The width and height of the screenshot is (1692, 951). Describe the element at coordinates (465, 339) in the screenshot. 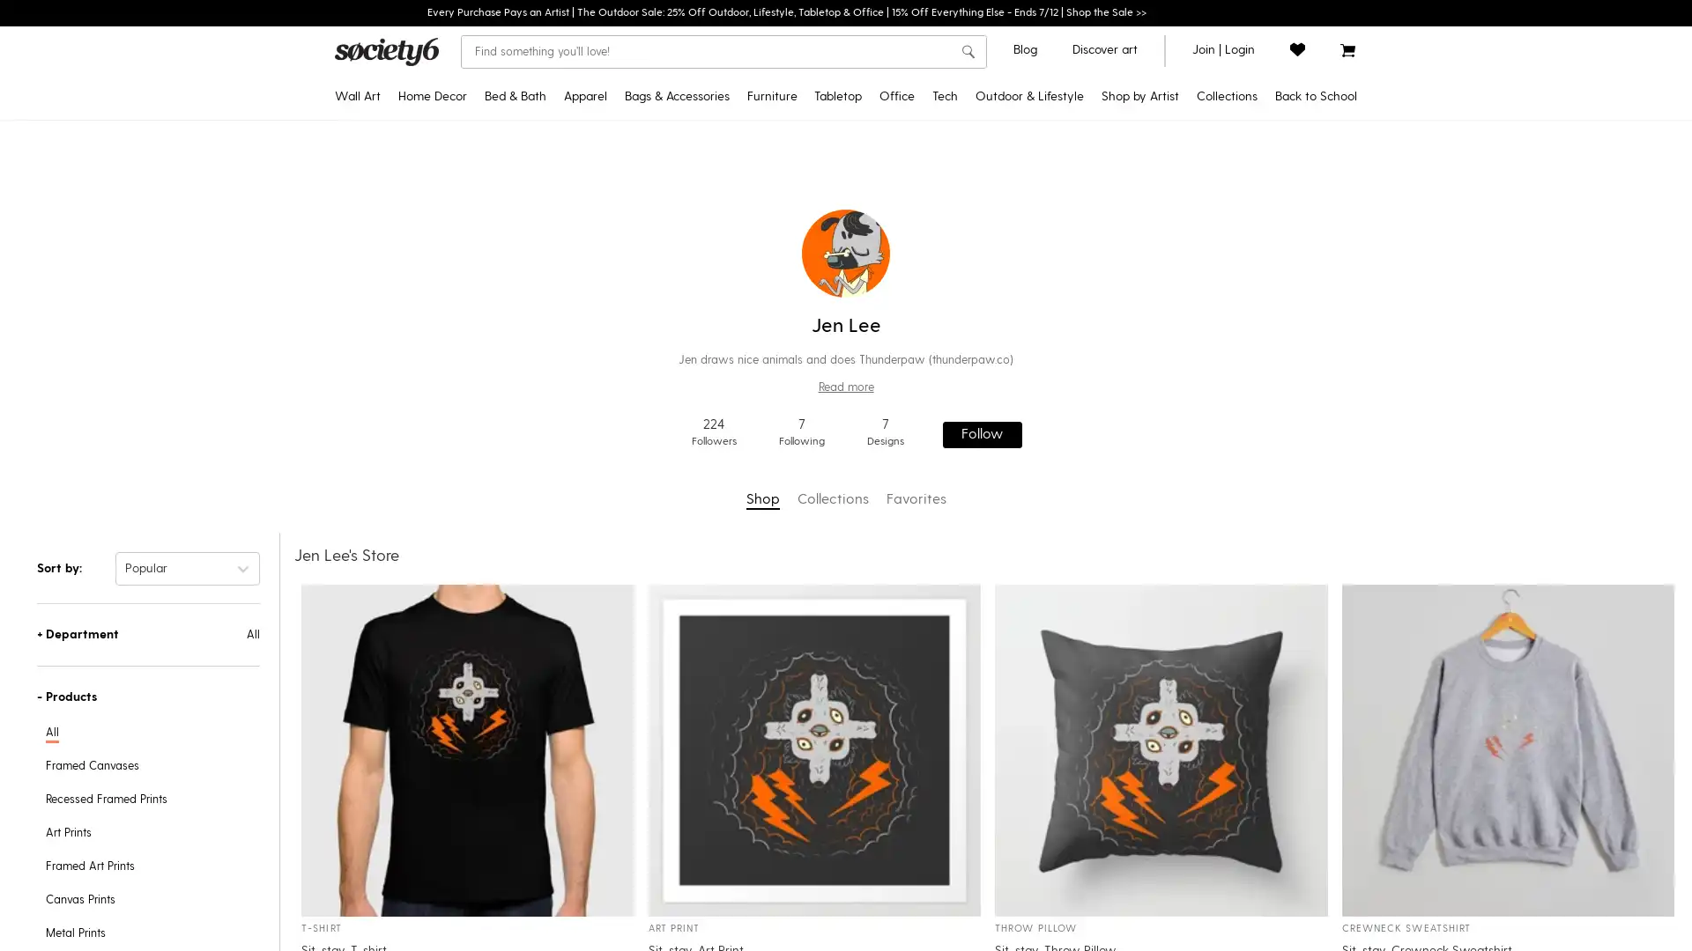

I see `Wall Clocks` at that location.